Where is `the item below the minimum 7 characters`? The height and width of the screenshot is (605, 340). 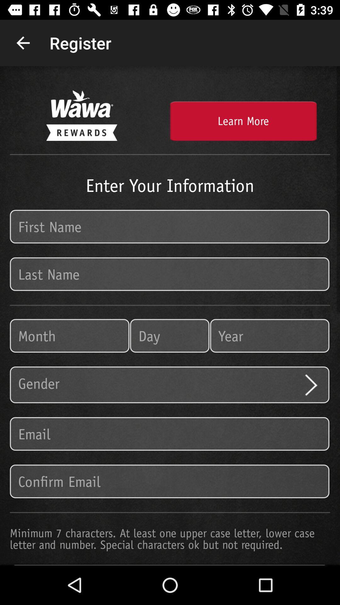
the item below the minimum 7 characters is located at coordinates (170, 565).